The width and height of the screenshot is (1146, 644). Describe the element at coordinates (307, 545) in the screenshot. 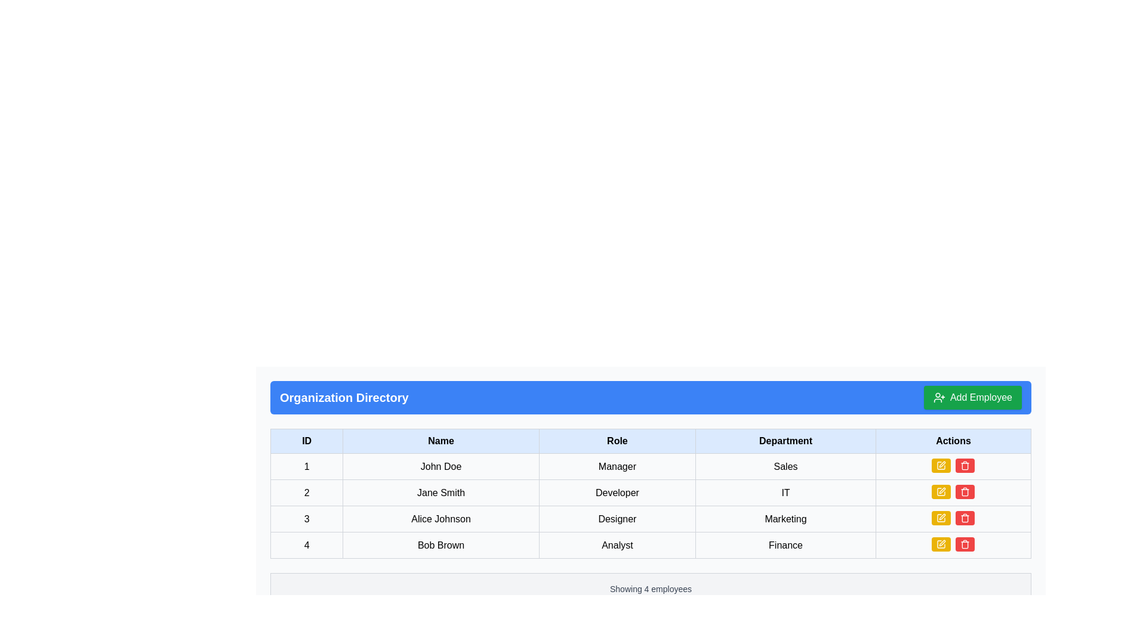

I see `the table cell displaying the employee identification number in the last row under the 'ID' column, which is adjacent to the cell containing 'Bob Brown'` at that location.